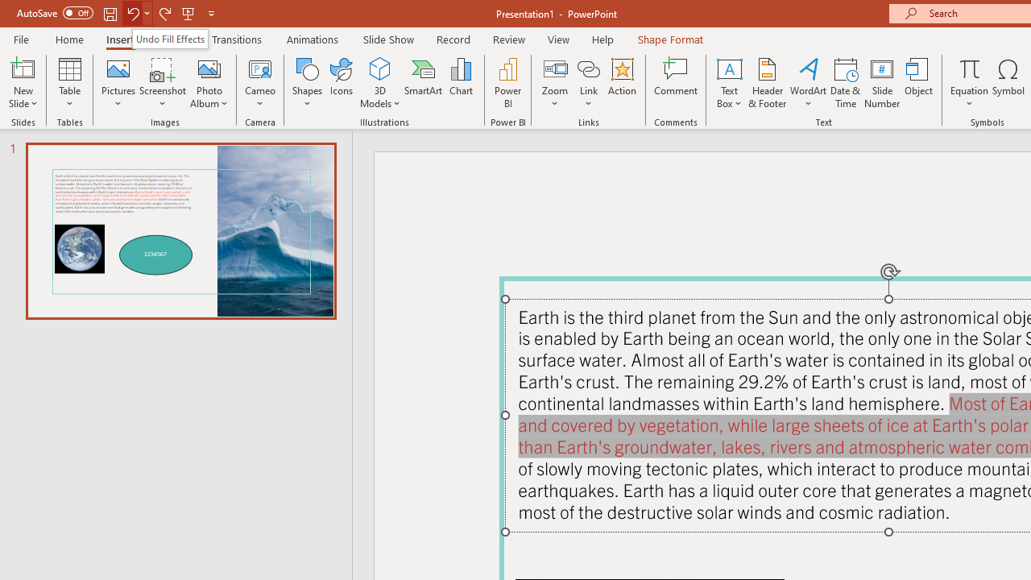  I want to click on 'Undo Fill Effects', so click(170, 38).